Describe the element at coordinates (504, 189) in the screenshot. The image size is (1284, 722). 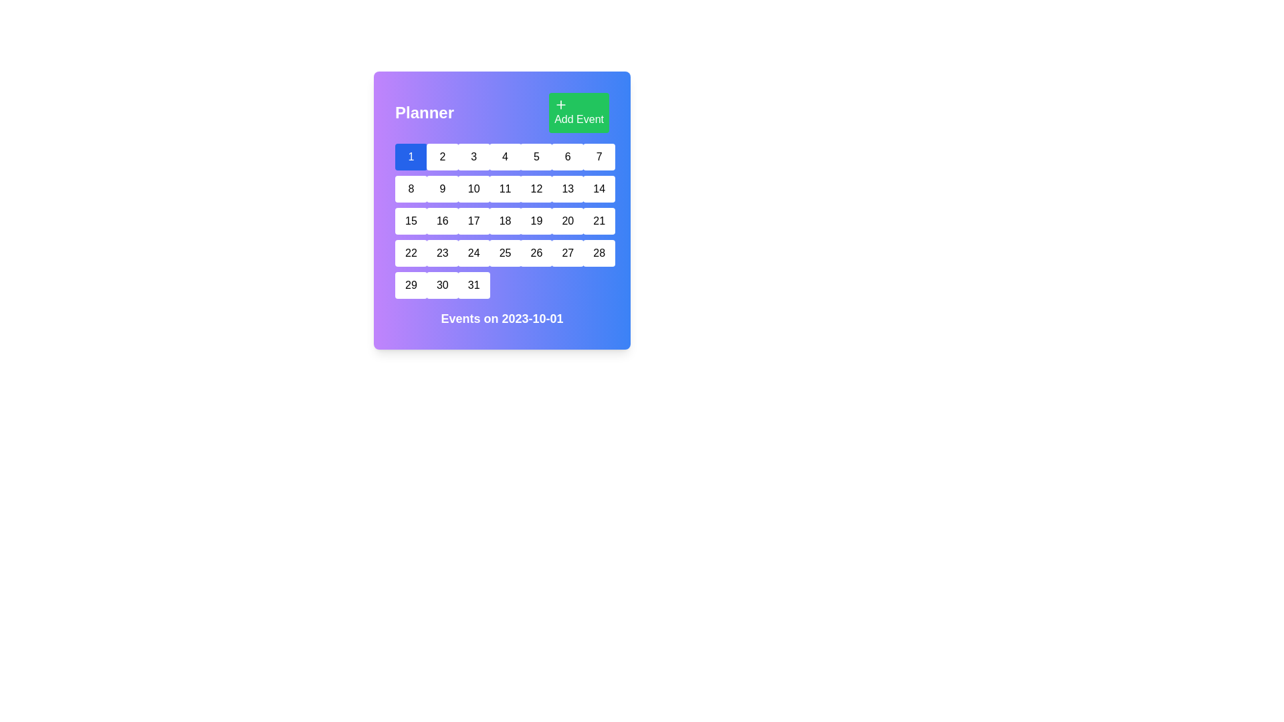
I see `the button representing the eleventh day in the calendar view` at that location.